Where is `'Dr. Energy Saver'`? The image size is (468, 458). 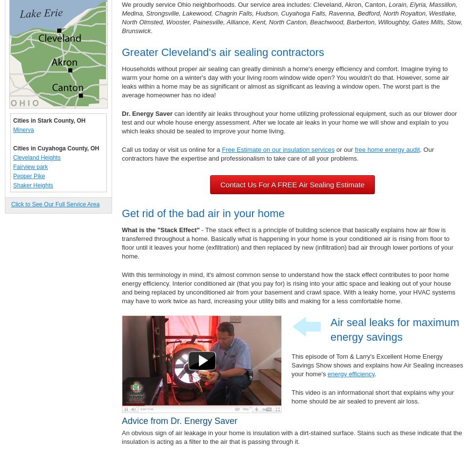 'Dr. Energy Saver' is located at coordinates (121, 113).